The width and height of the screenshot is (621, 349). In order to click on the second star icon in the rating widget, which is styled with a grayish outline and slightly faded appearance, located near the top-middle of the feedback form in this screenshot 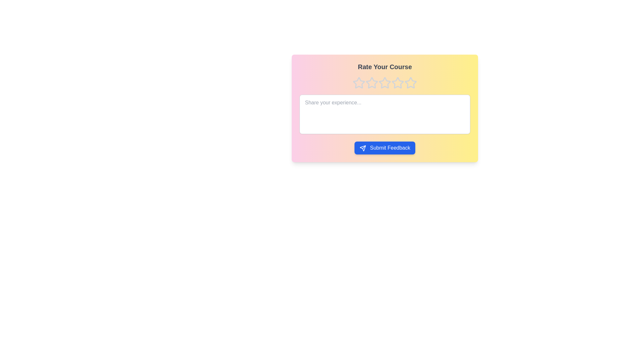, I will do `click(385, 82)`.